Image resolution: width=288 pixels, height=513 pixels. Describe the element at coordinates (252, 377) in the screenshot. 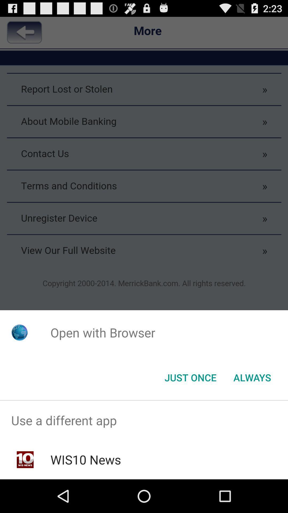

I see `the always item` at that location.